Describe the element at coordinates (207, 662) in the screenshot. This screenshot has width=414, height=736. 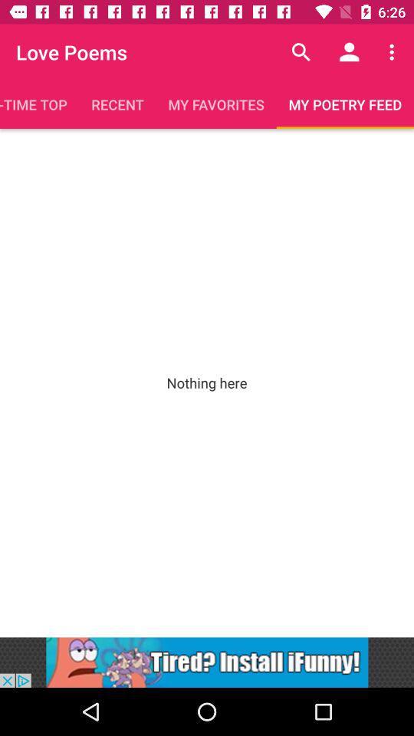
I see `click advertisement` at that location.